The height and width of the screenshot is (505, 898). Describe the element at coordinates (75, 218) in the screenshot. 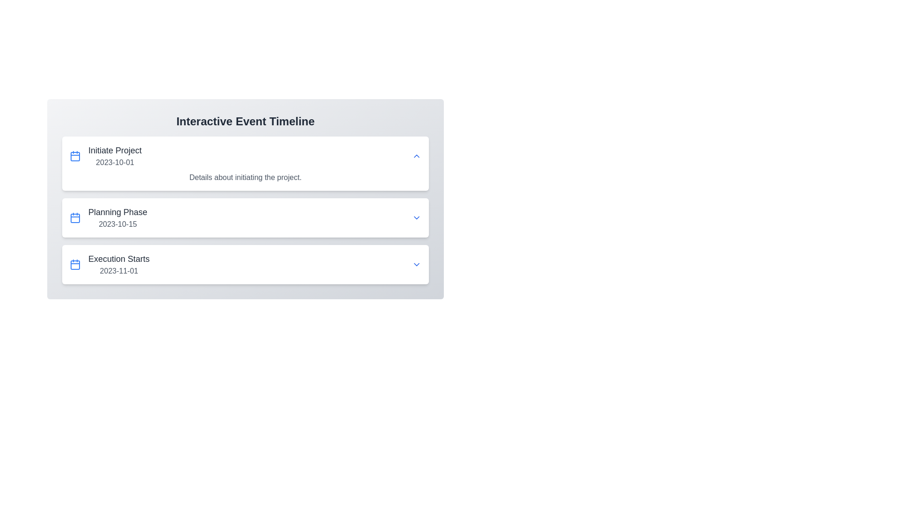

I see `the calendar icon that is positioned to the left of the text 'Planning Phase'` at that location.